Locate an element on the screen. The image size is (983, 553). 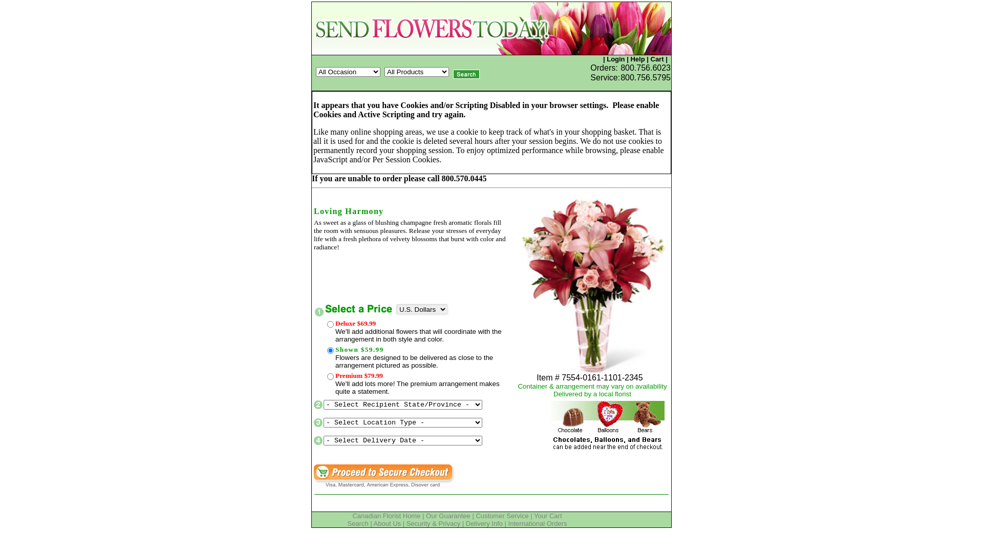
'Our Guarantee' is located at coordinates (448, 516).